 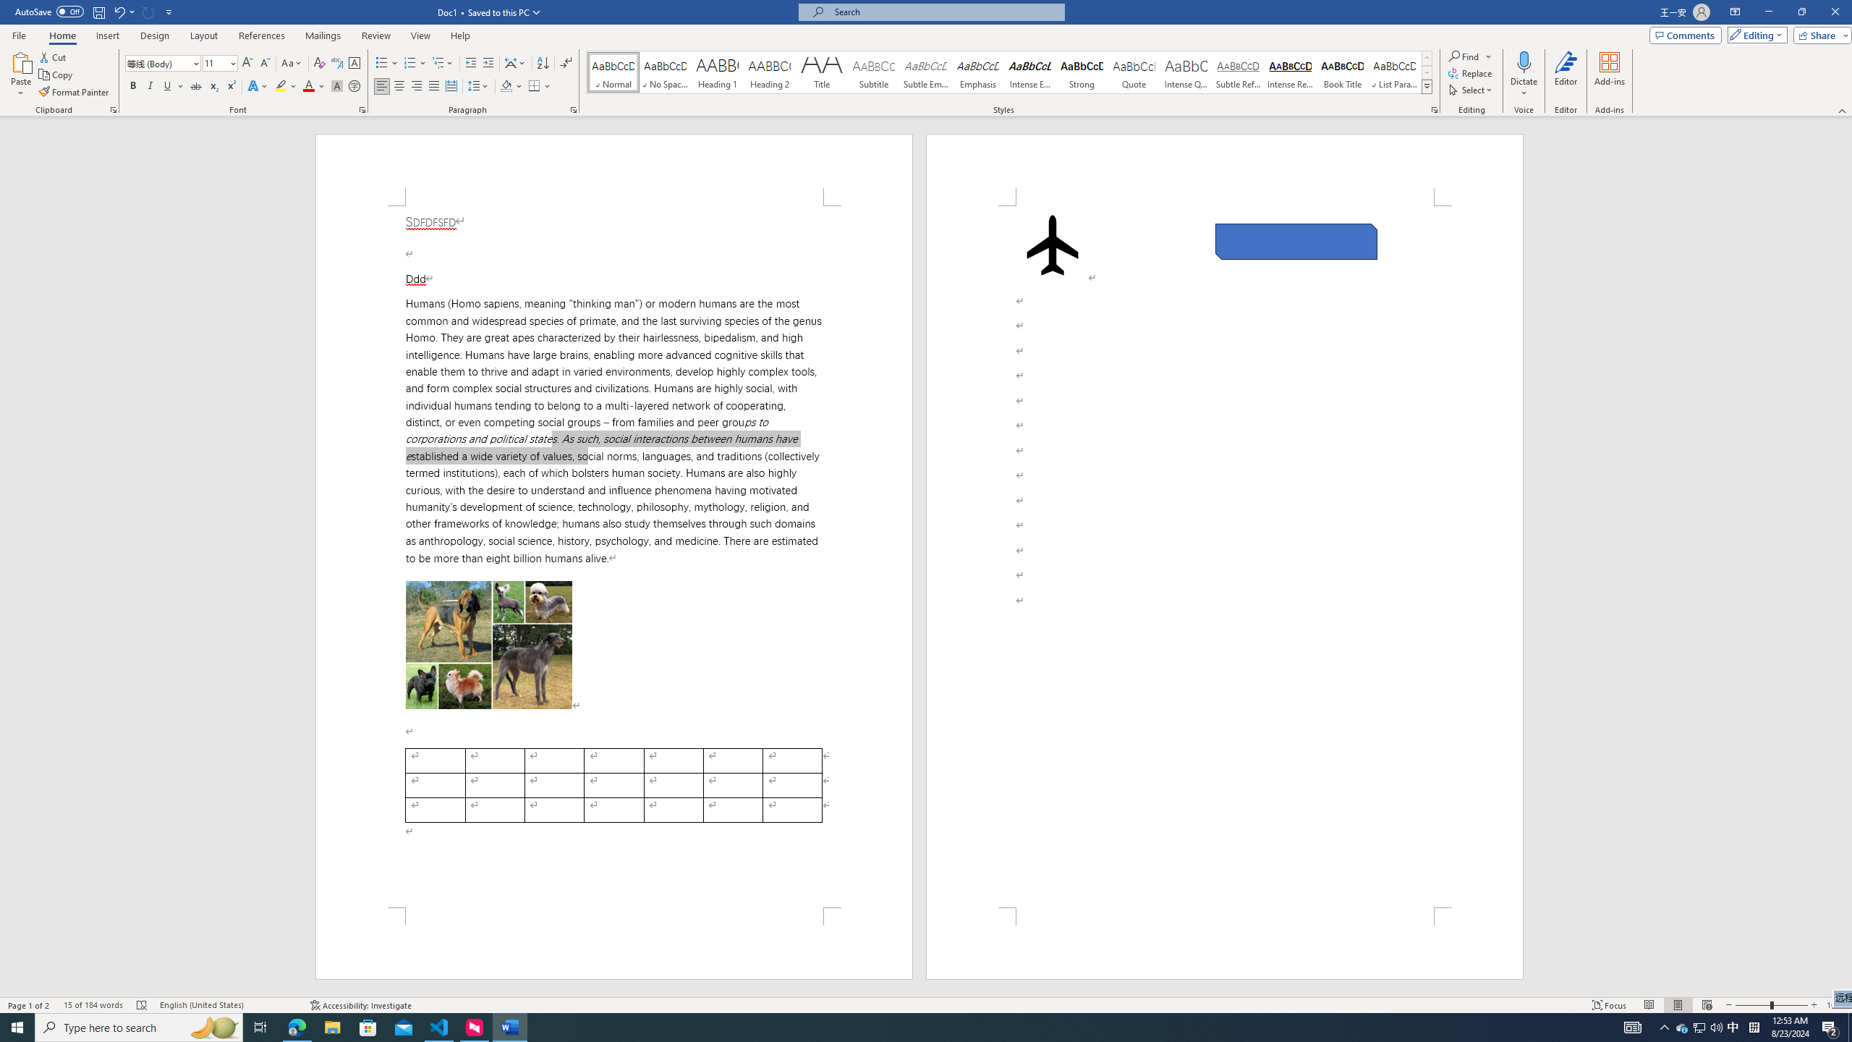 I want to click on 'Page 2 content', so click(x=1224, y=556).